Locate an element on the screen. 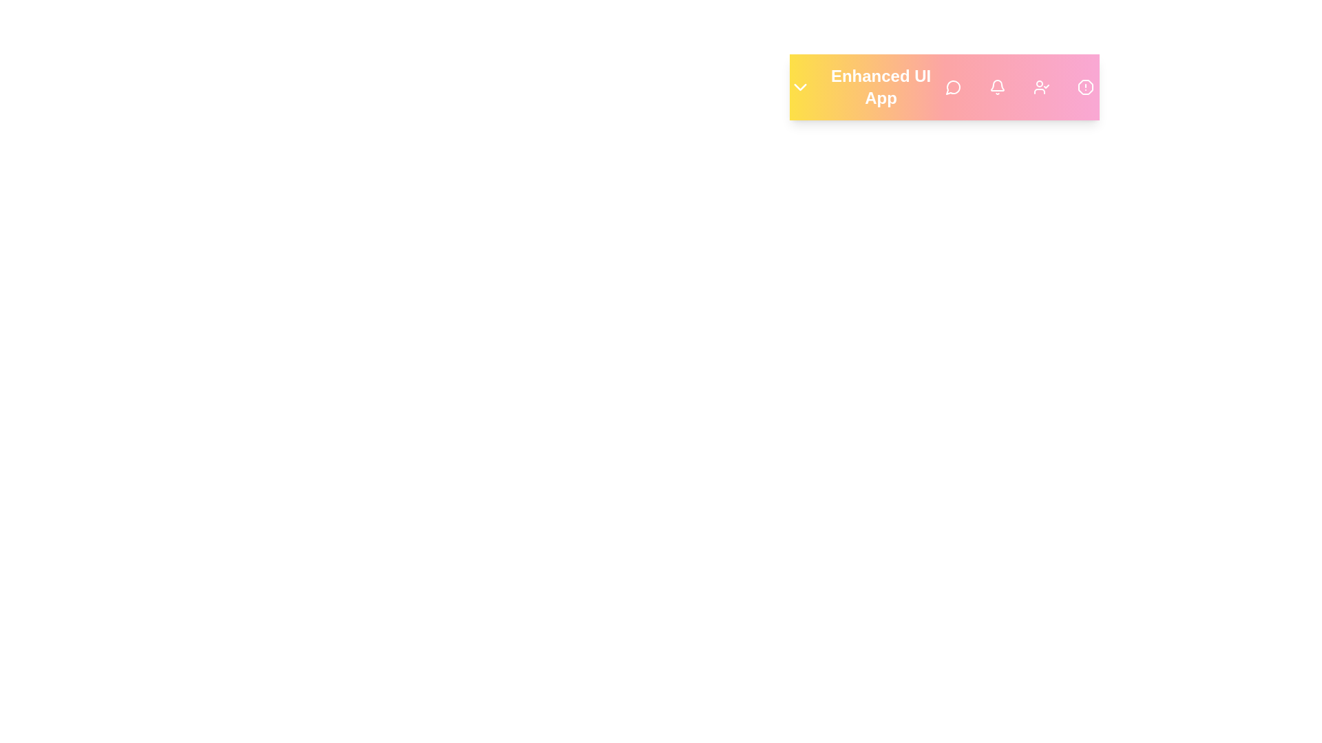 The height and width of the screenshot is (743, 1322). the dropdown menu icon to open the account settings menu is located at coordinates (799, 87).